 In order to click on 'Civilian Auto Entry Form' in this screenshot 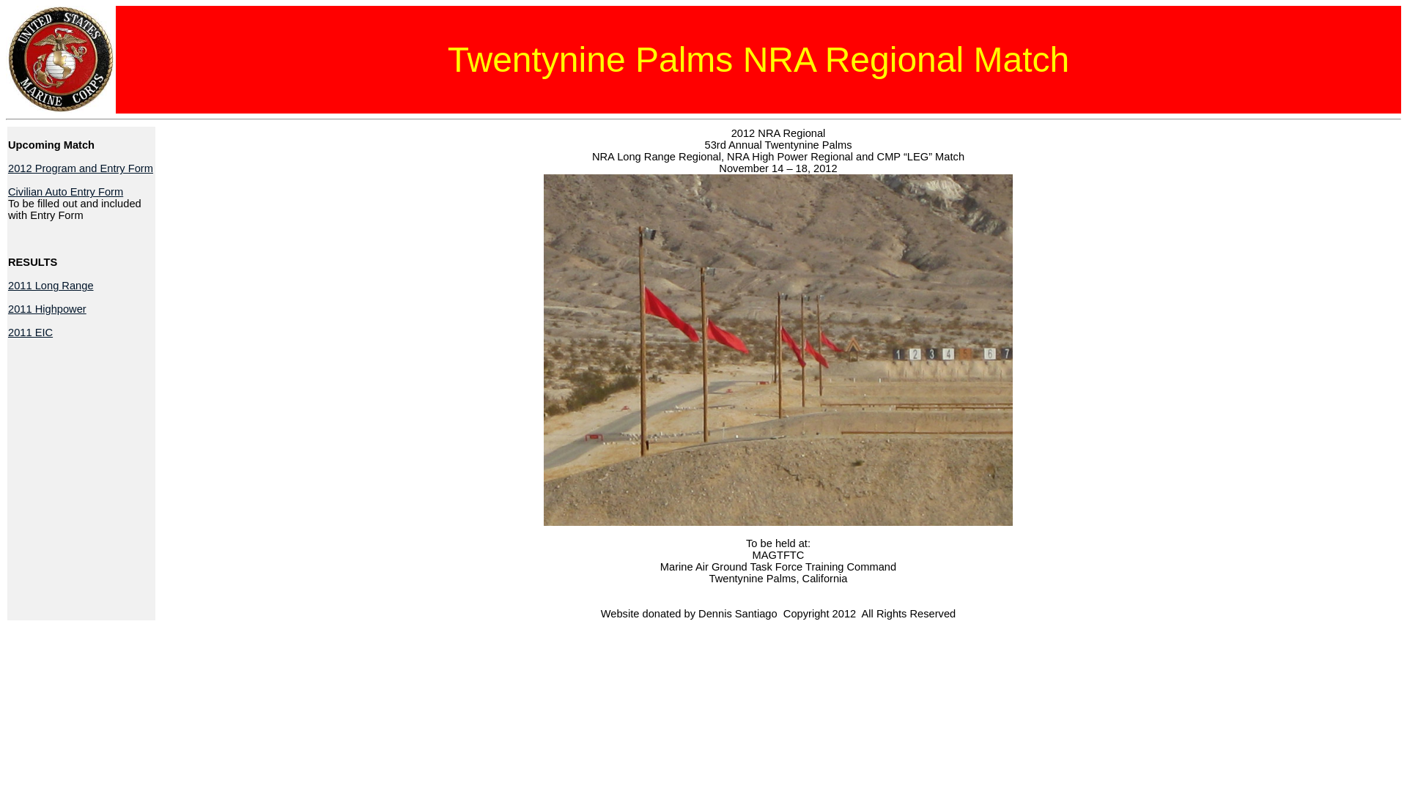, I will do `click(64, 191)`.